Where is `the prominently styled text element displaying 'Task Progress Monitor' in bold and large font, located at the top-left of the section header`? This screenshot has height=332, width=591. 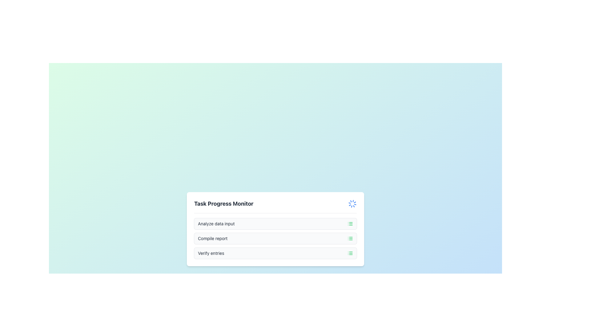
the prominently styled text element displaying 'Task Progress Monitor' in bold and large font, located at the top-left of the section header is located at coordinates (223, 204).